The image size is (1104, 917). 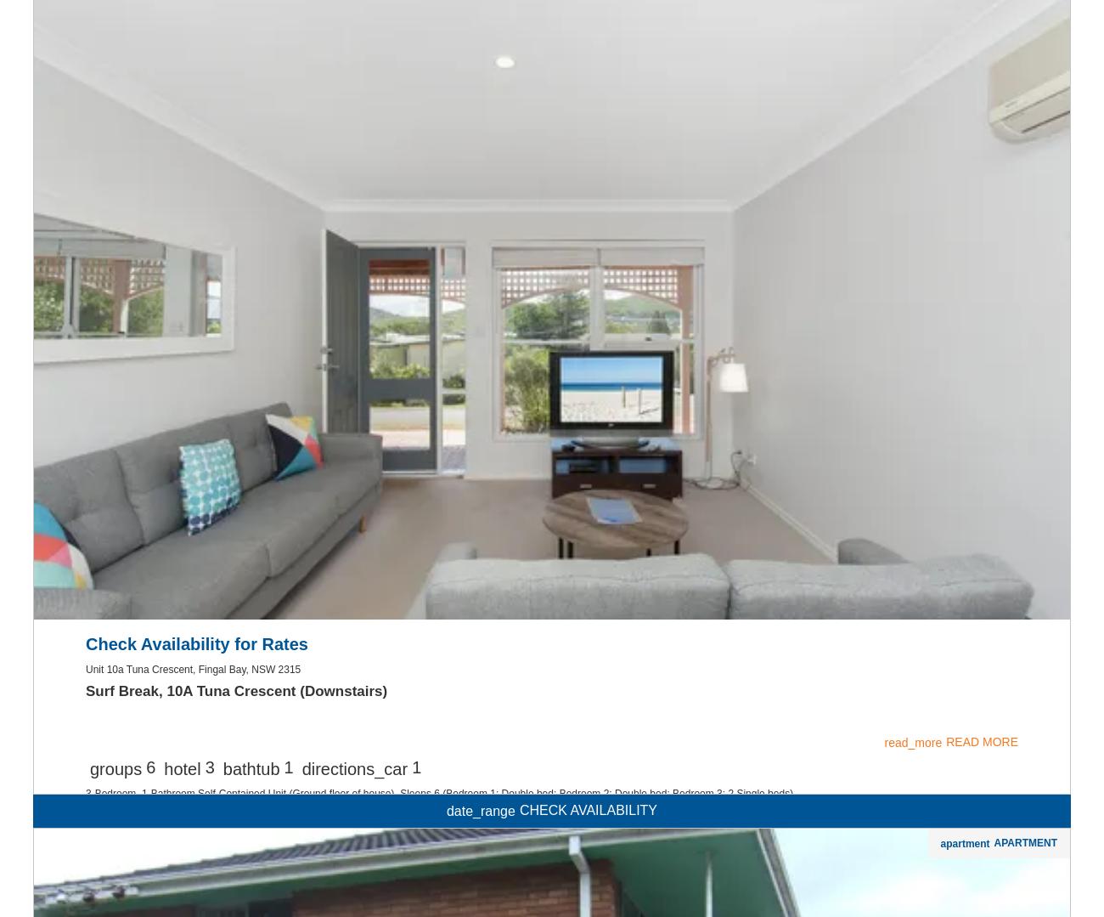 What do you see at coordinates (189, 887) in the screenshot?
I see `'2/10 Ocean Parade, Boat Harbour, NSW 2316'` at bounding box center [189, 887].